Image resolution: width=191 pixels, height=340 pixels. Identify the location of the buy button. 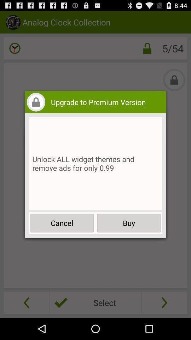
(128, 222).